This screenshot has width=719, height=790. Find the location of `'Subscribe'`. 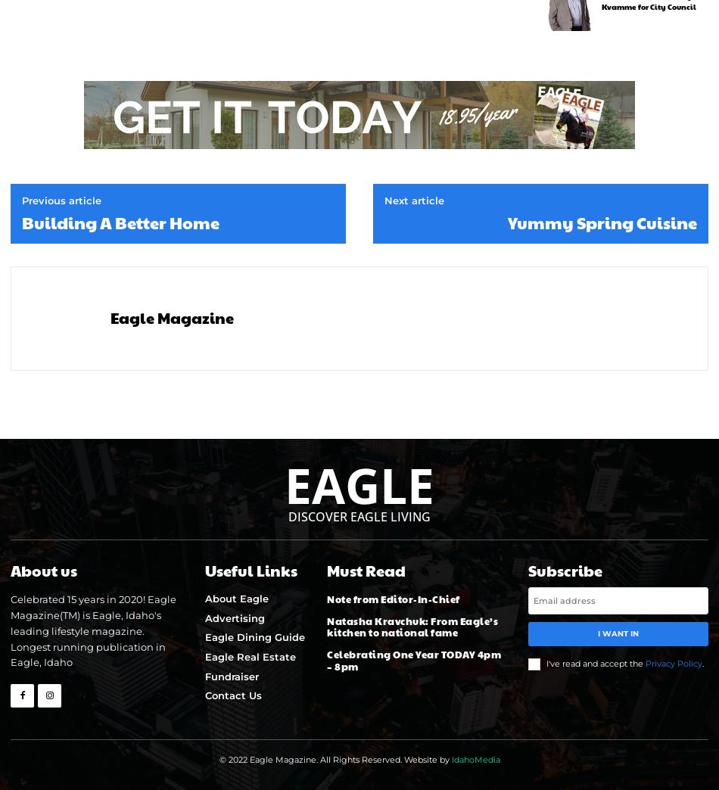

'Subscribe' is located at coordinates (564, 570).